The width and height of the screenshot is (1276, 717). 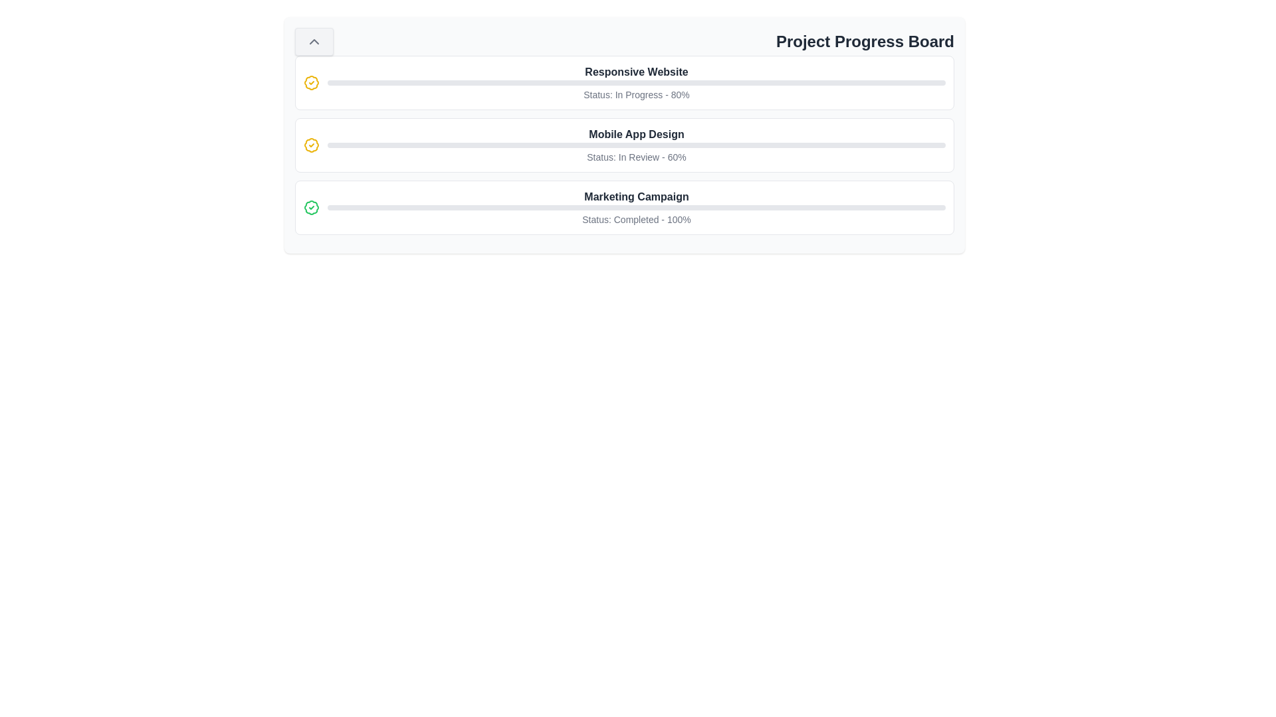 What do you see at coordinates (311, 82) in the screenshot?
I see `the badge icon with a check mark inside, which is the first icon on the left side of the first row labeled 'Responsive Website'` at bounding box center [311, 82].